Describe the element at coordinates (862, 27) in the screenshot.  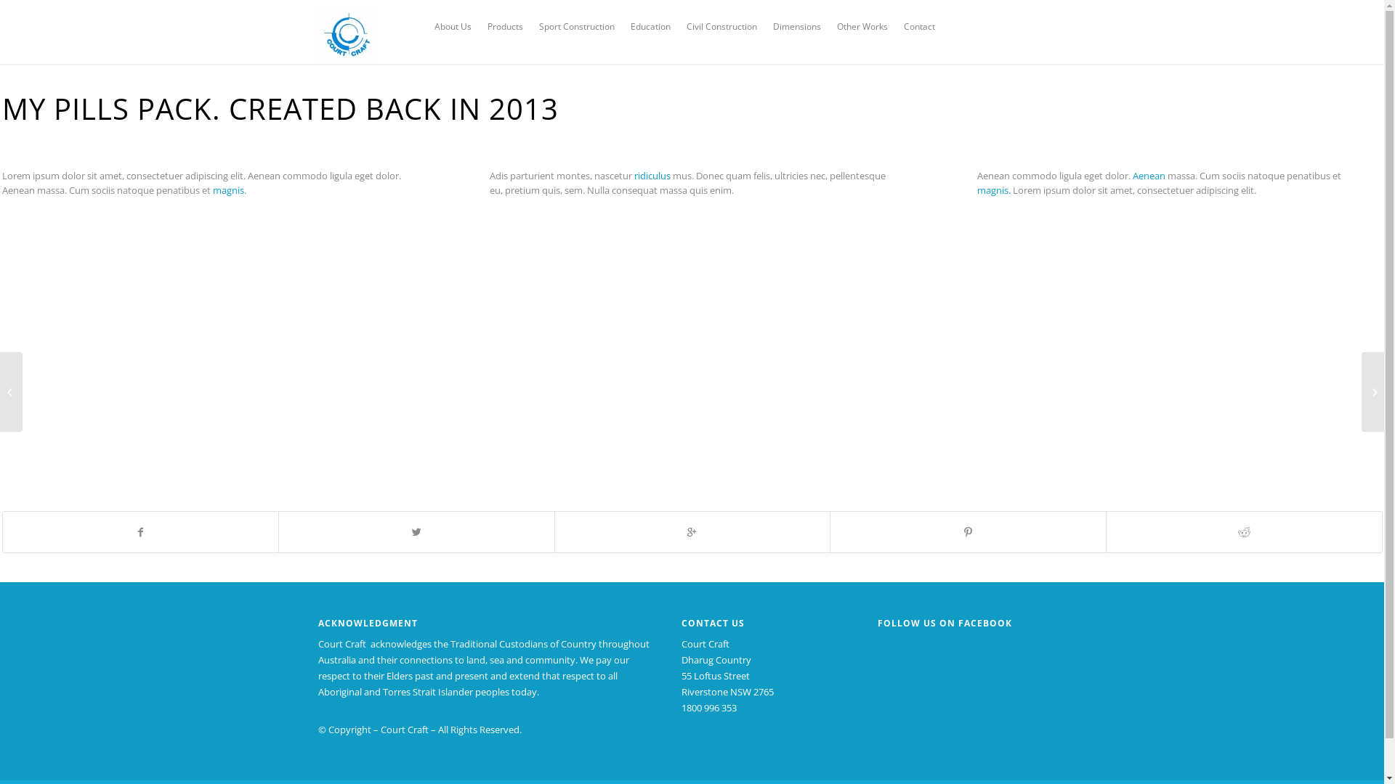
I see `'Other Works'` at that location.